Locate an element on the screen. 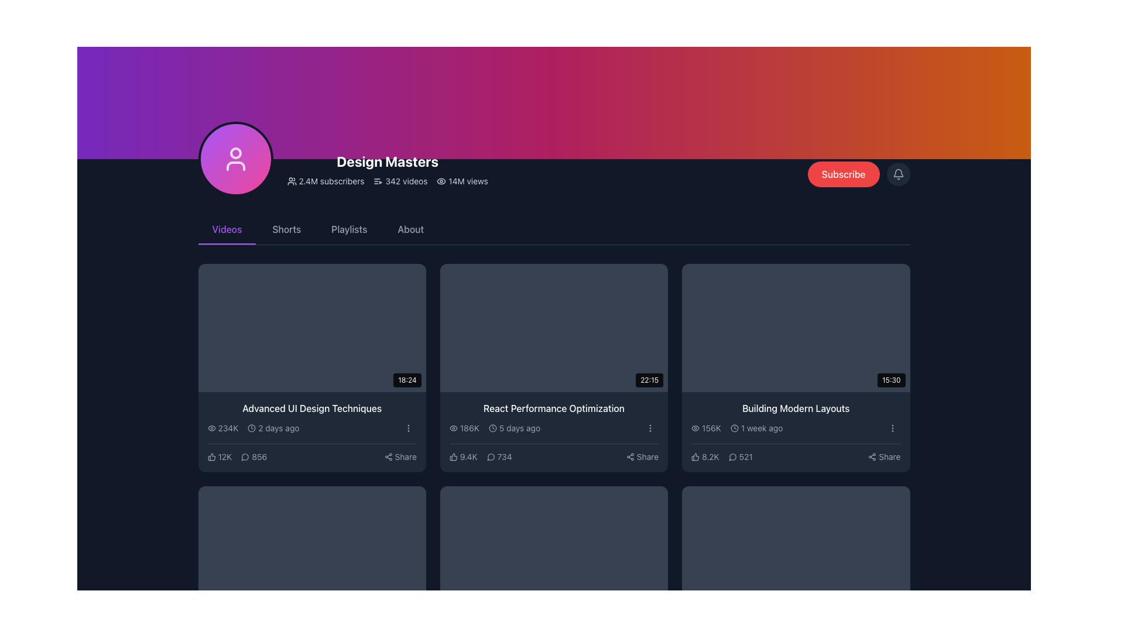 The width and height of the screenshot is (1124, 632). the button located at the rightmost end of the video metadata bar for 'Advanced UI Design Techniques' is located at coordinates (408, 428).